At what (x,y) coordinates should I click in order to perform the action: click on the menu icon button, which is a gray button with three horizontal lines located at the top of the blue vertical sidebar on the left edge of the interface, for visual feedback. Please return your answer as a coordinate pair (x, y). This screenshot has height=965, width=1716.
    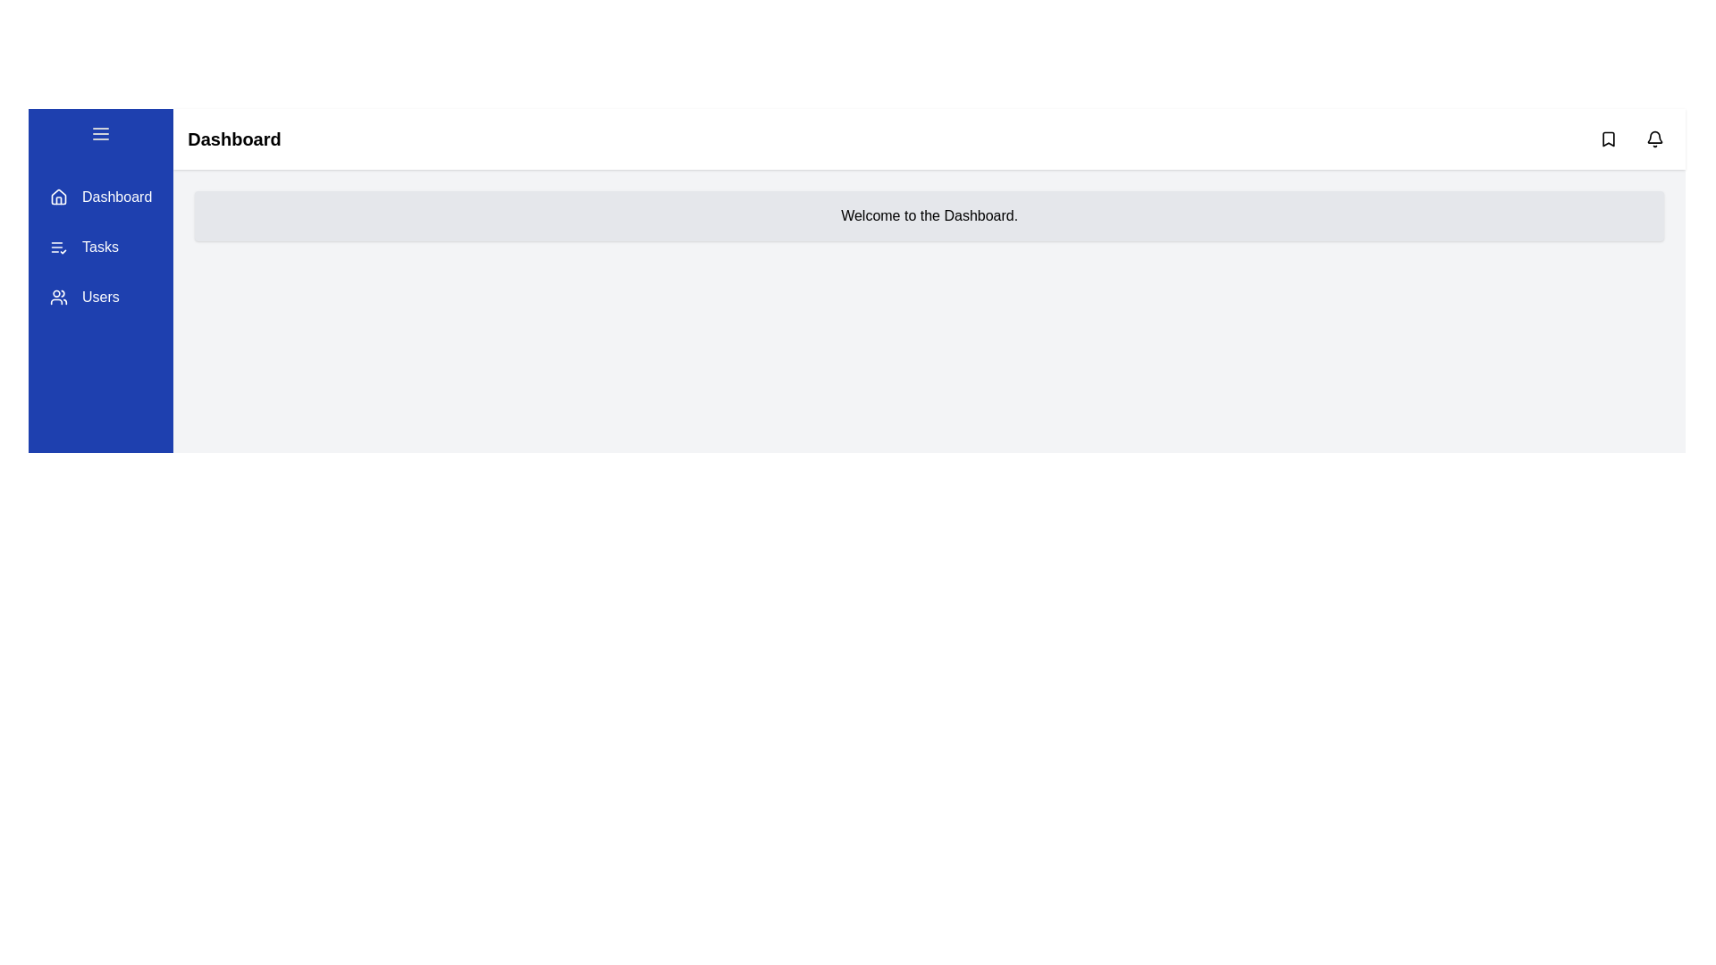
    Looking at the image, I should click on (100, 133).